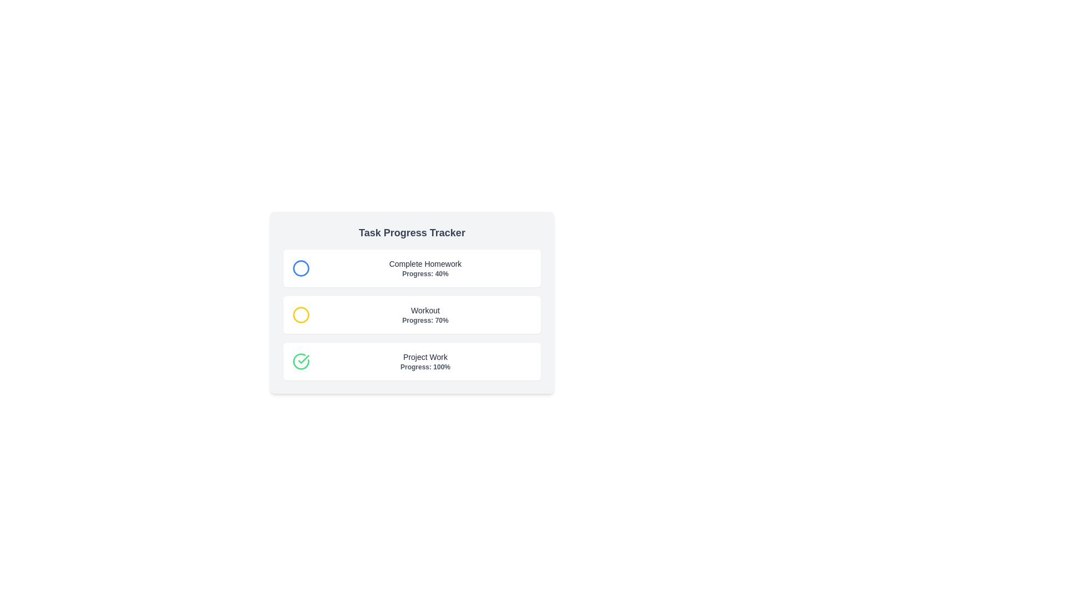  Describe the element at coordinates (425, 314) in the screenshot. I see `the Label element displaying 'Workout' and 'Progress: 70%' which is the second item in the list of progress items` at that location.